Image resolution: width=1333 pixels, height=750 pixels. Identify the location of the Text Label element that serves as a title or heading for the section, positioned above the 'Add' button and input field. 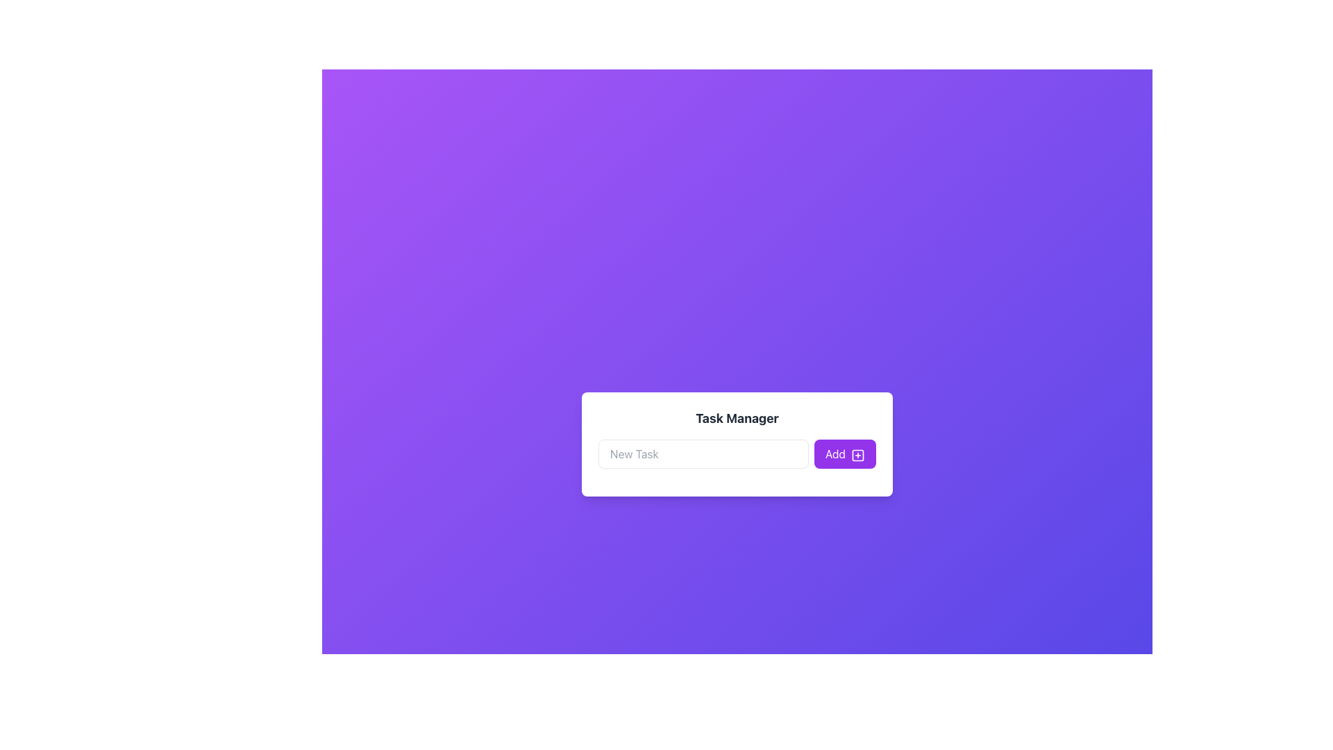
(736, 417).